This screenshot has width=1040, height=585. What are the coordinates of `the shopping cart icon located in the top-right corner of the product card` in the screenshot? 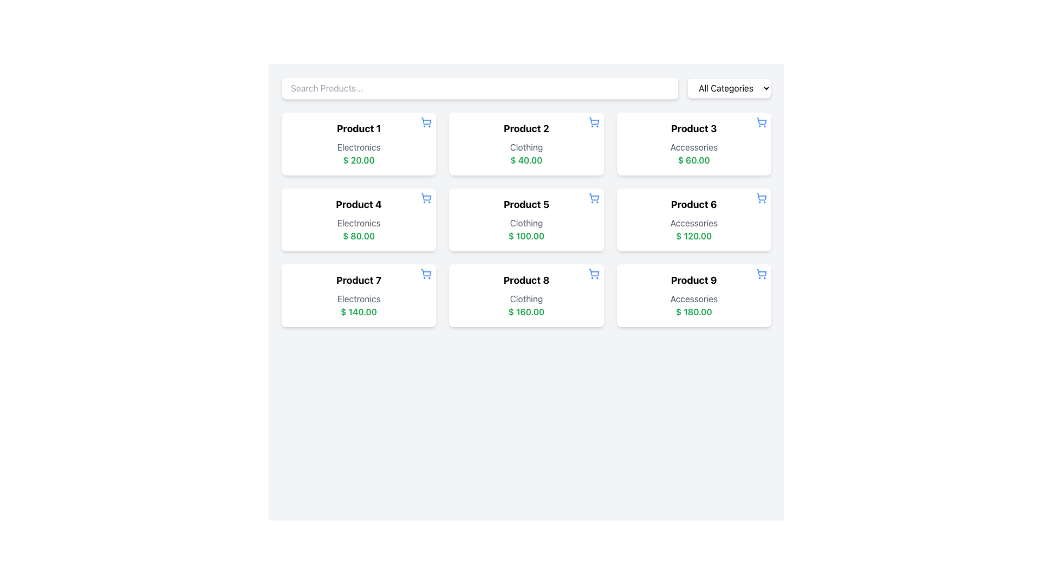 It's located at (761, 272).